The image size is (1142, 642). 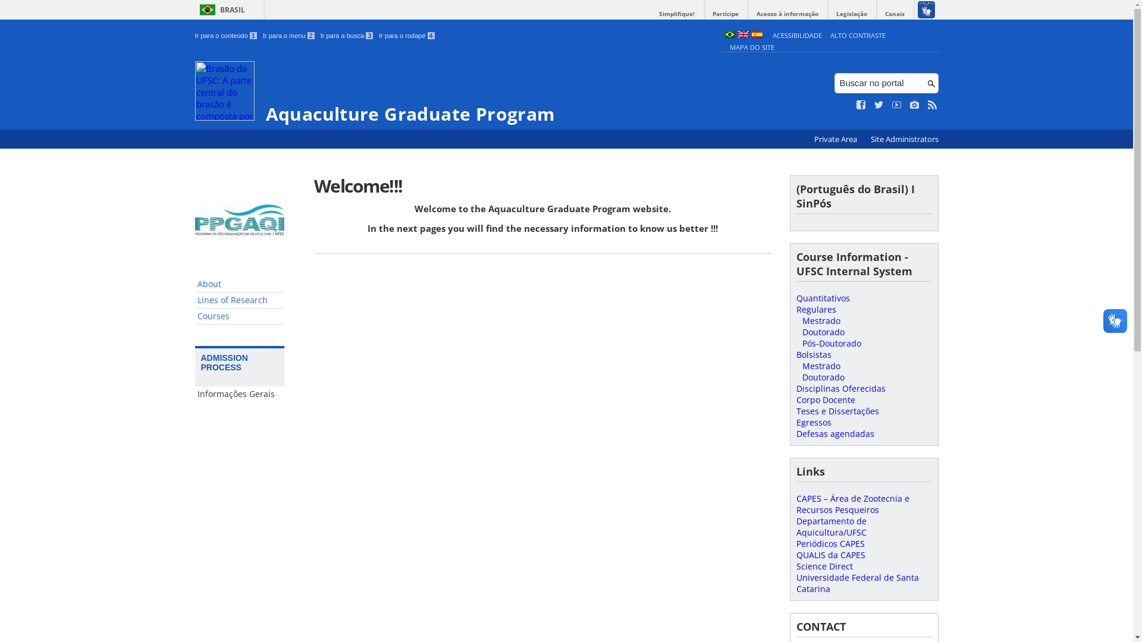 What do you see at coordinates (239, 316) in the screenshot?
I see `'Courses'` at bounding box center [239, 316].